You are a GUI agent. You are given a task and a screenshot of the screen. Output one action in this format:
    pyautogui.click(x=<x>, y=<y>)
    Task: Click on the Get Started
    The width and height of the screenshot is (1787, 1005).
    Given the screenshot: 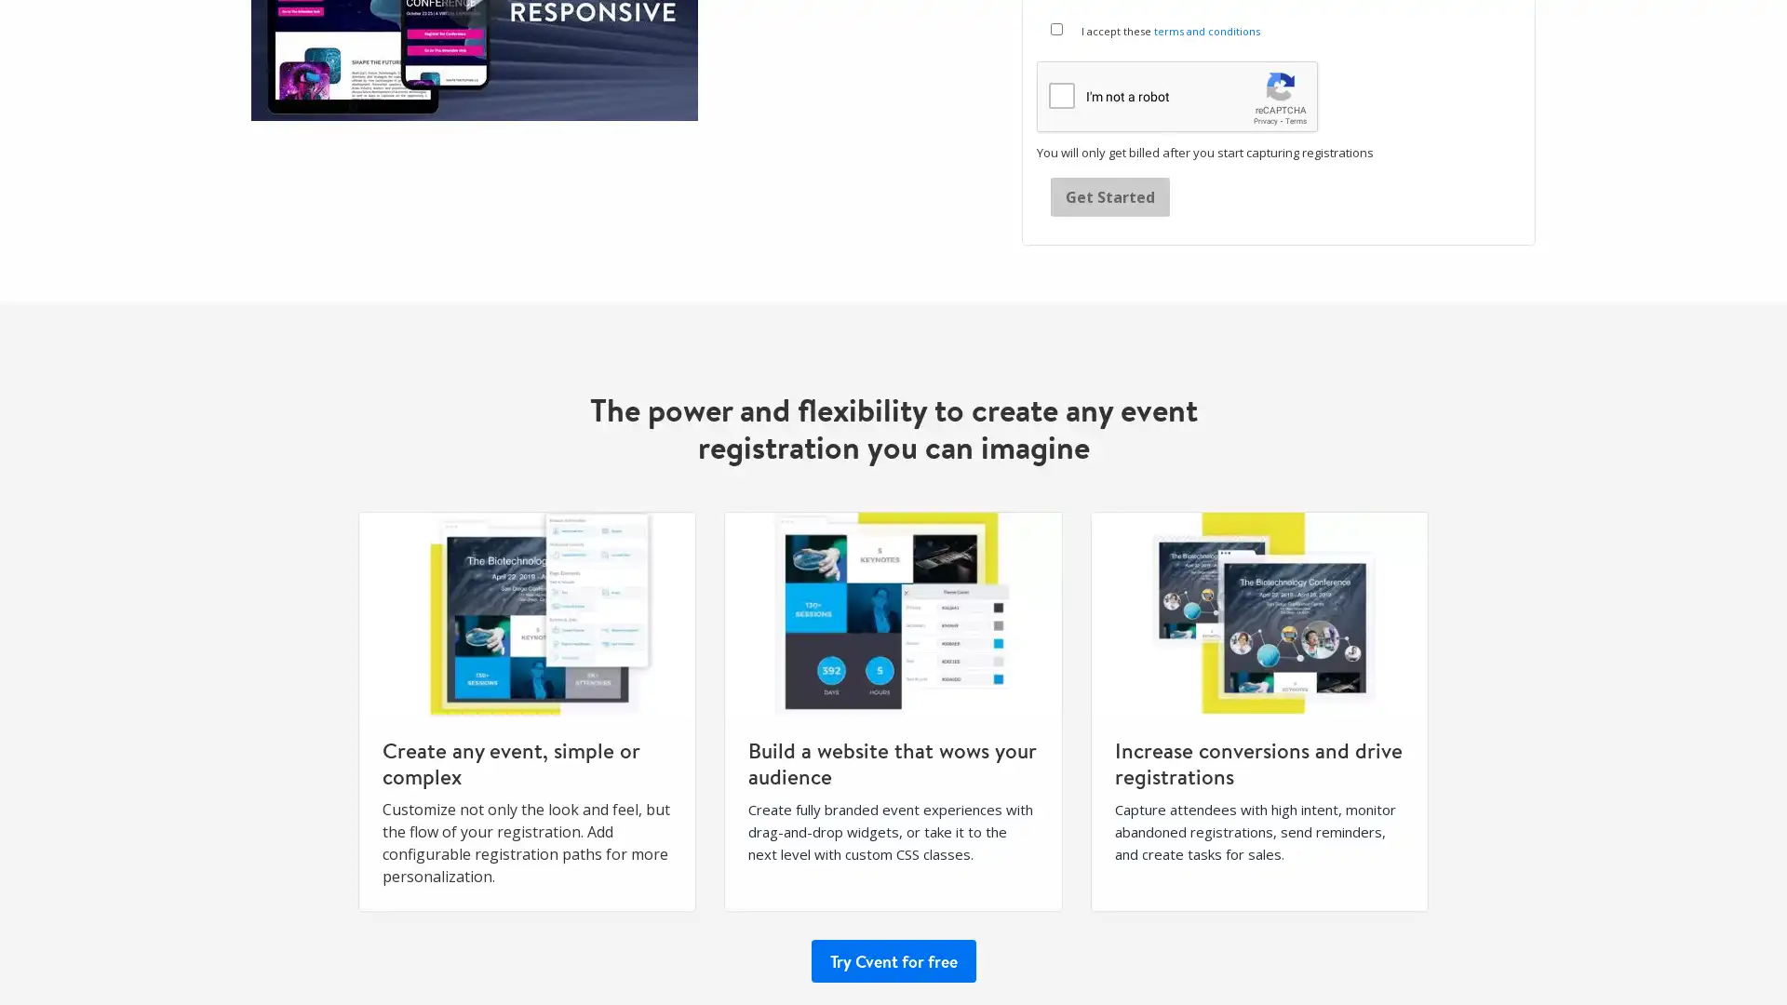 What is the action you would take?
    pyautogui.click(x=1110, y=196)
    